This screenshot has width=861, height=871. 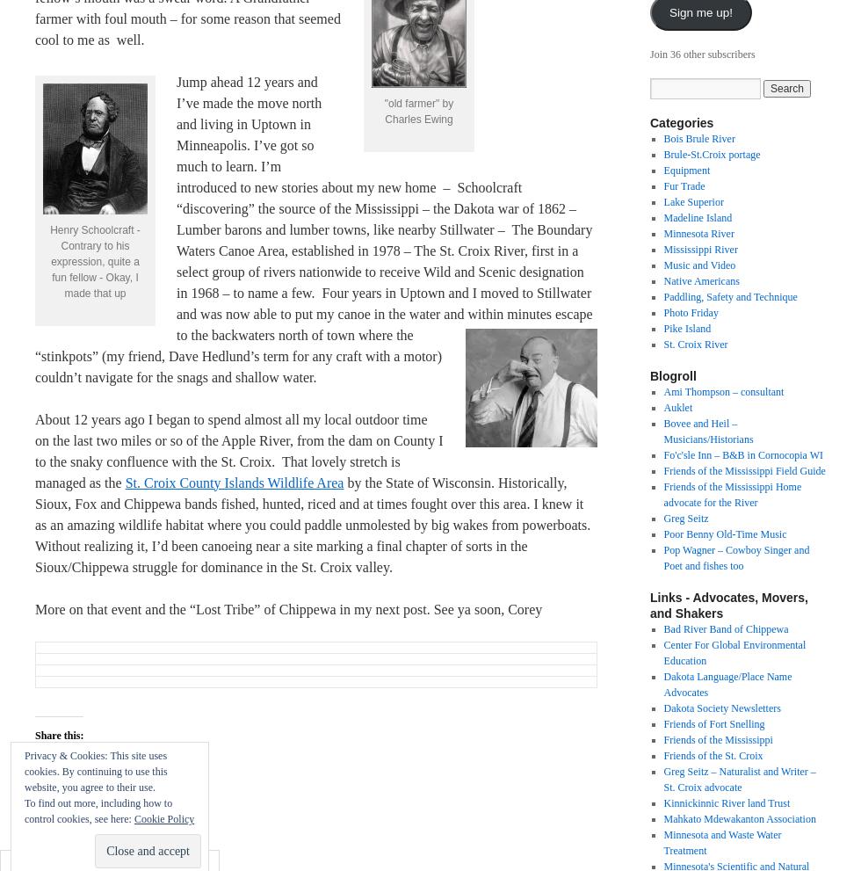 I want to click on 'Fur Trade', so click(x=684, y=185).